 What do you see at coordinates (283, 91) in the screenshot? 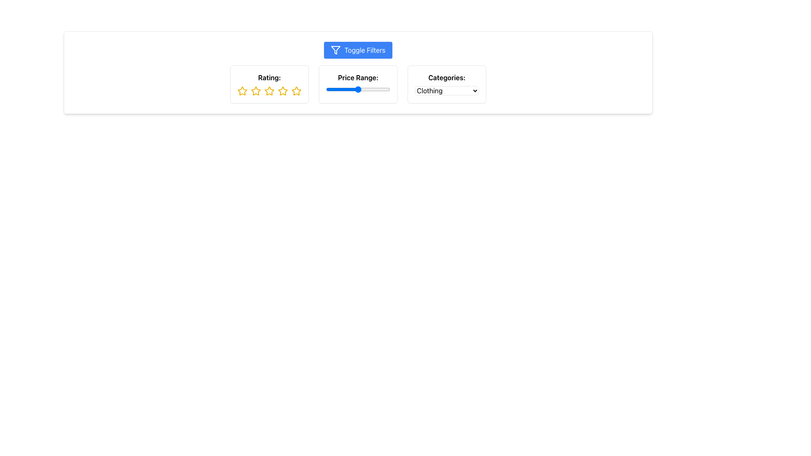
I see `the fourth yellow star icon in the rating section` at bounding box center [283, 91].